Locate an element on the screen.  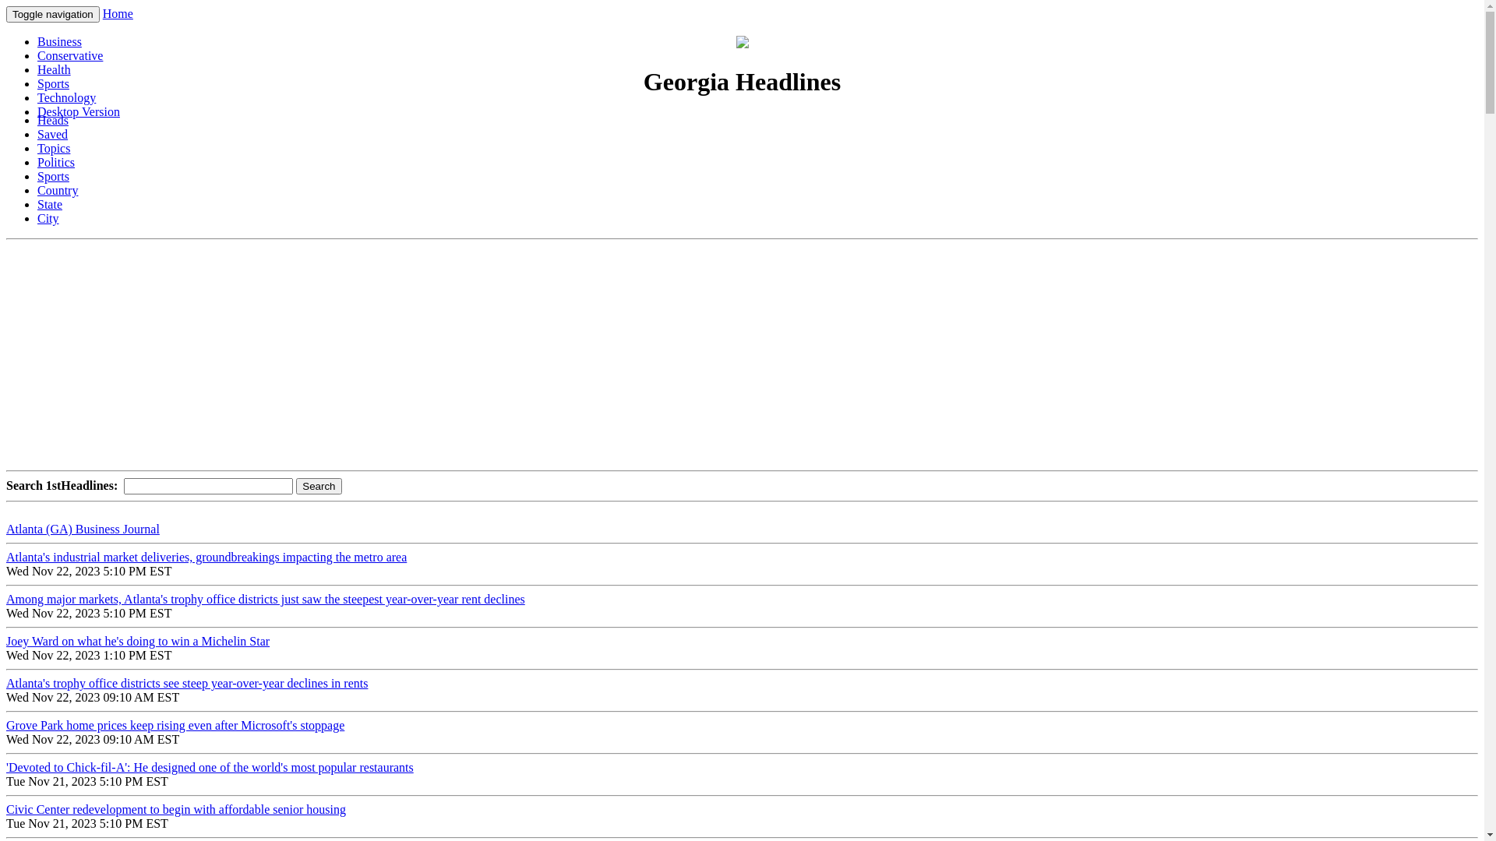
'Country' is located at coordinates (37, 189).